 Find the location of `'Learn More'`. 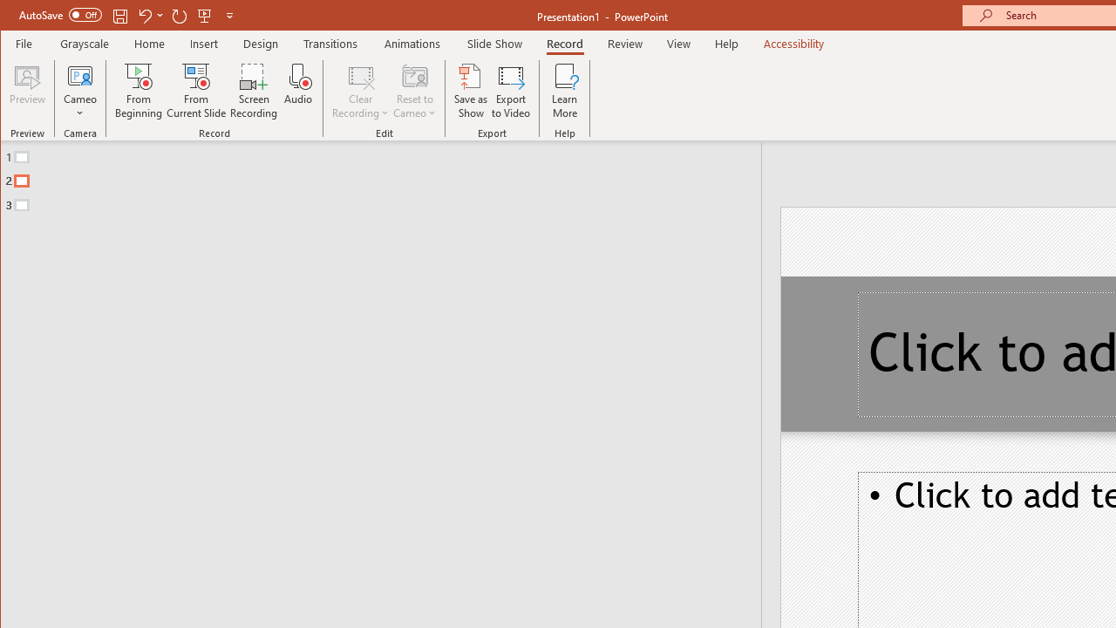

'Learn More' is located at coordinates (565, 91).